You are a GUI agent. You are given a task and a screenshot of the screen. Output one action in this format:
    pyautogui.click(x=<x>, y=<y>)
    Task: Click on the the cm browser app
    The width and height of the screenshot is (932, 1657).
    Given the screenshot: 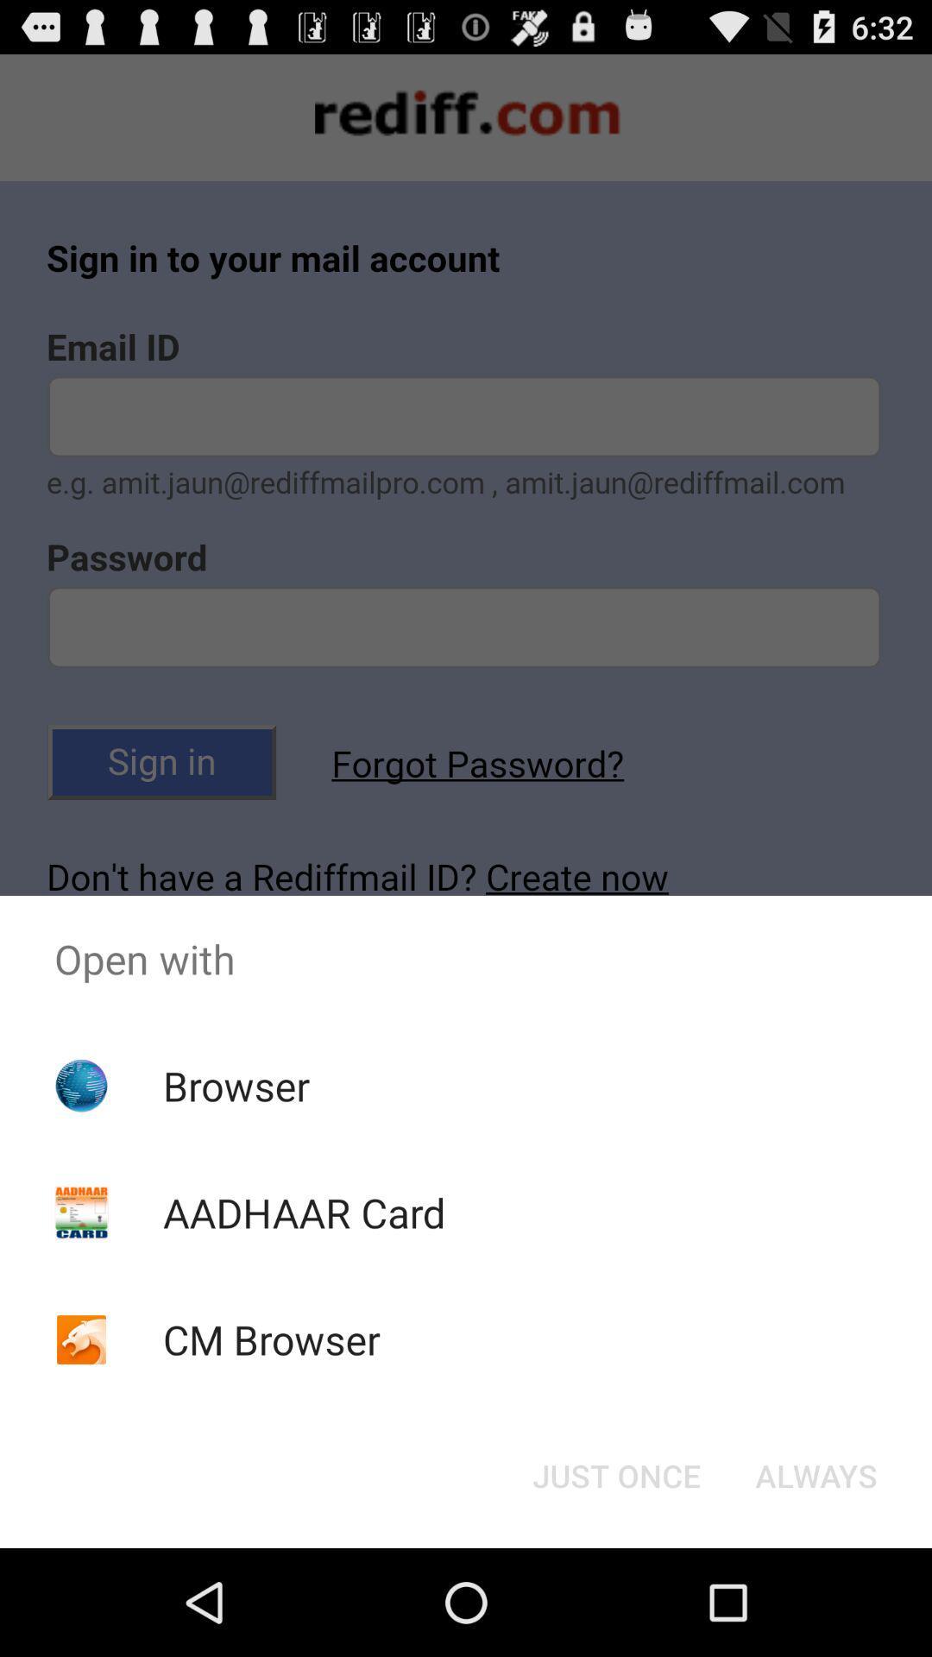 What is the action you would take?
    pyautogui.click(x=272, y=1339)
    